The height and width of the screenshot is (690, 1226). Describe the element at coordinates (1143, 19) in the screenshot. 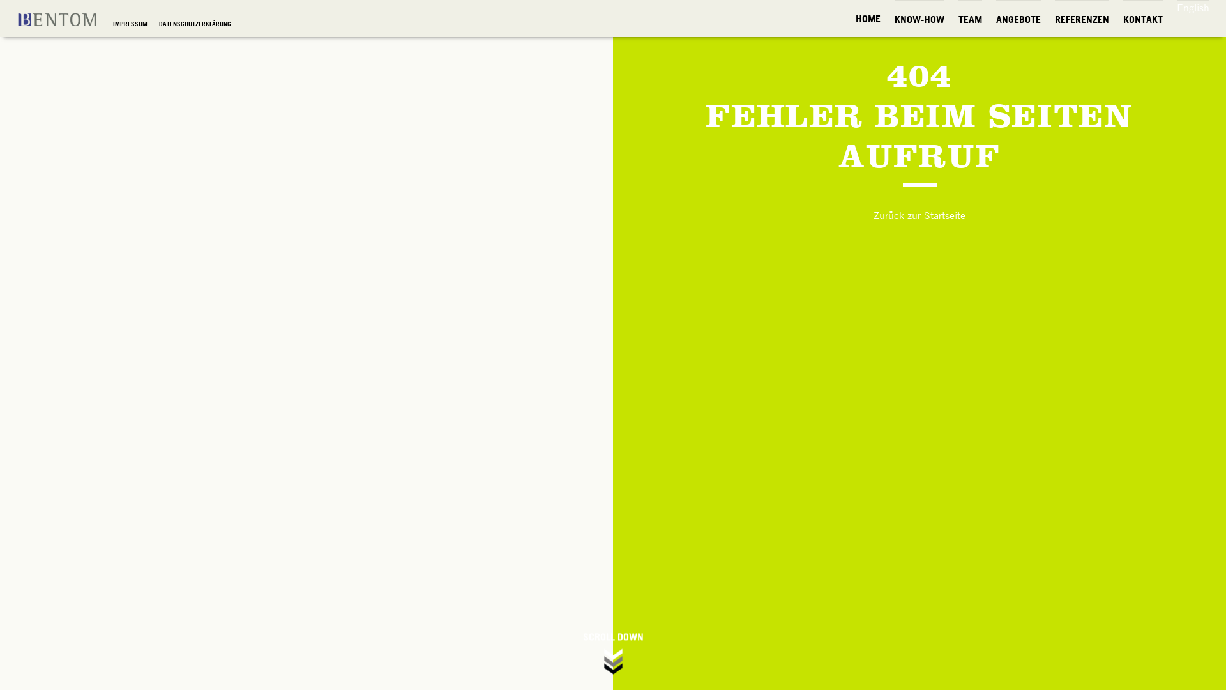

I see `'KONTAKT'` at that location.